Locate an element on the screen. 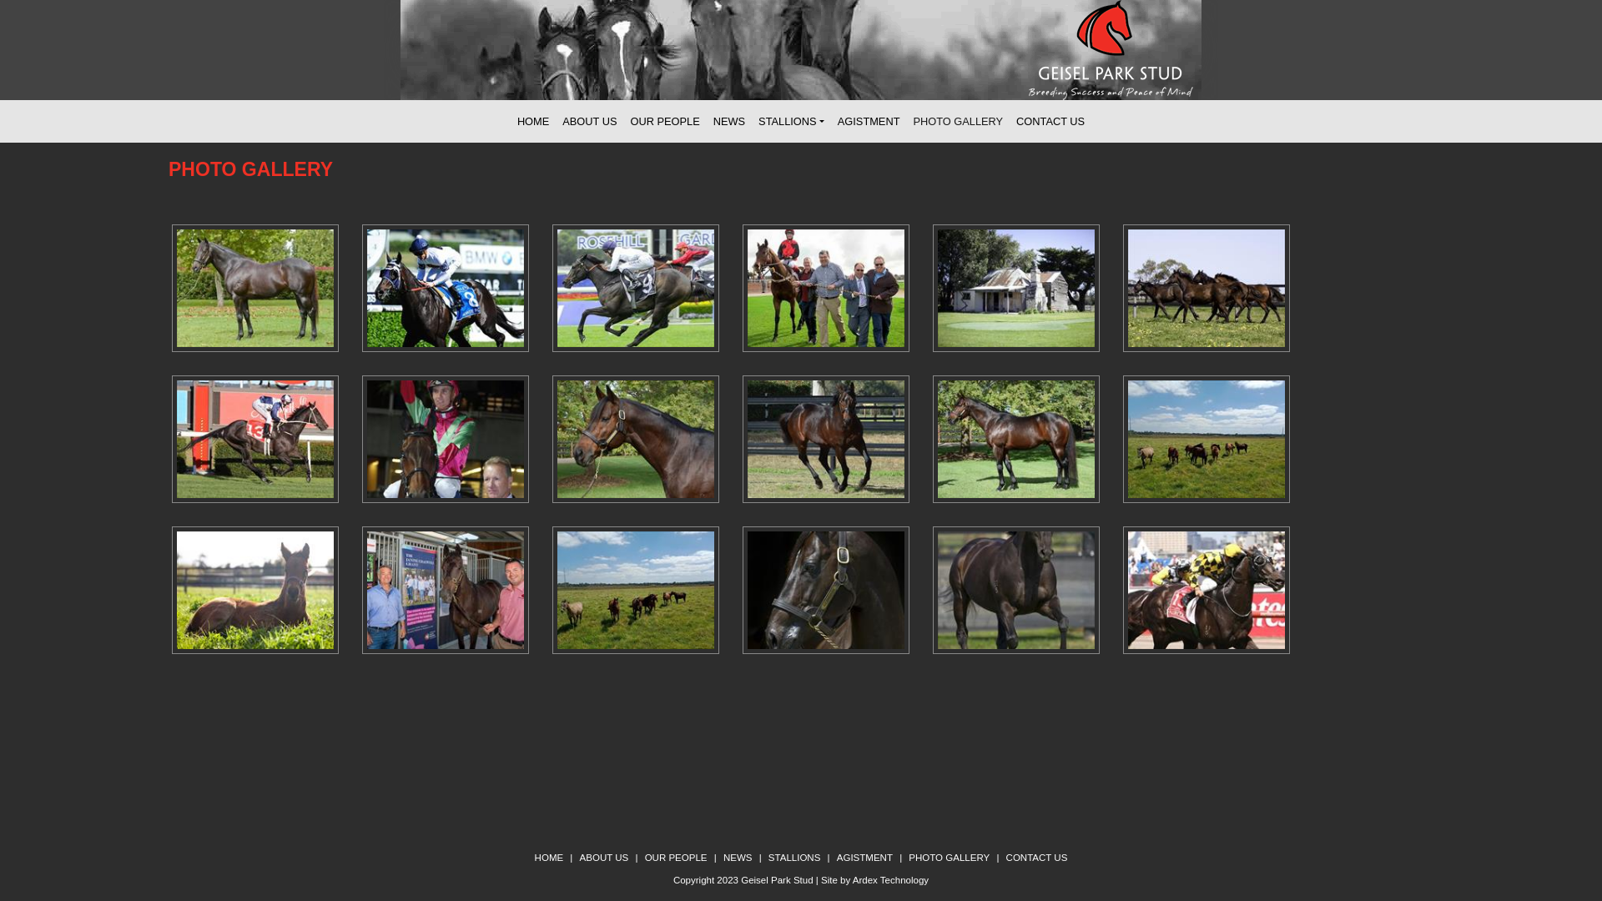 The width and height of the screenshot is (1602, 901). 'CONTACT US' is located at coordinates (1005, 858).